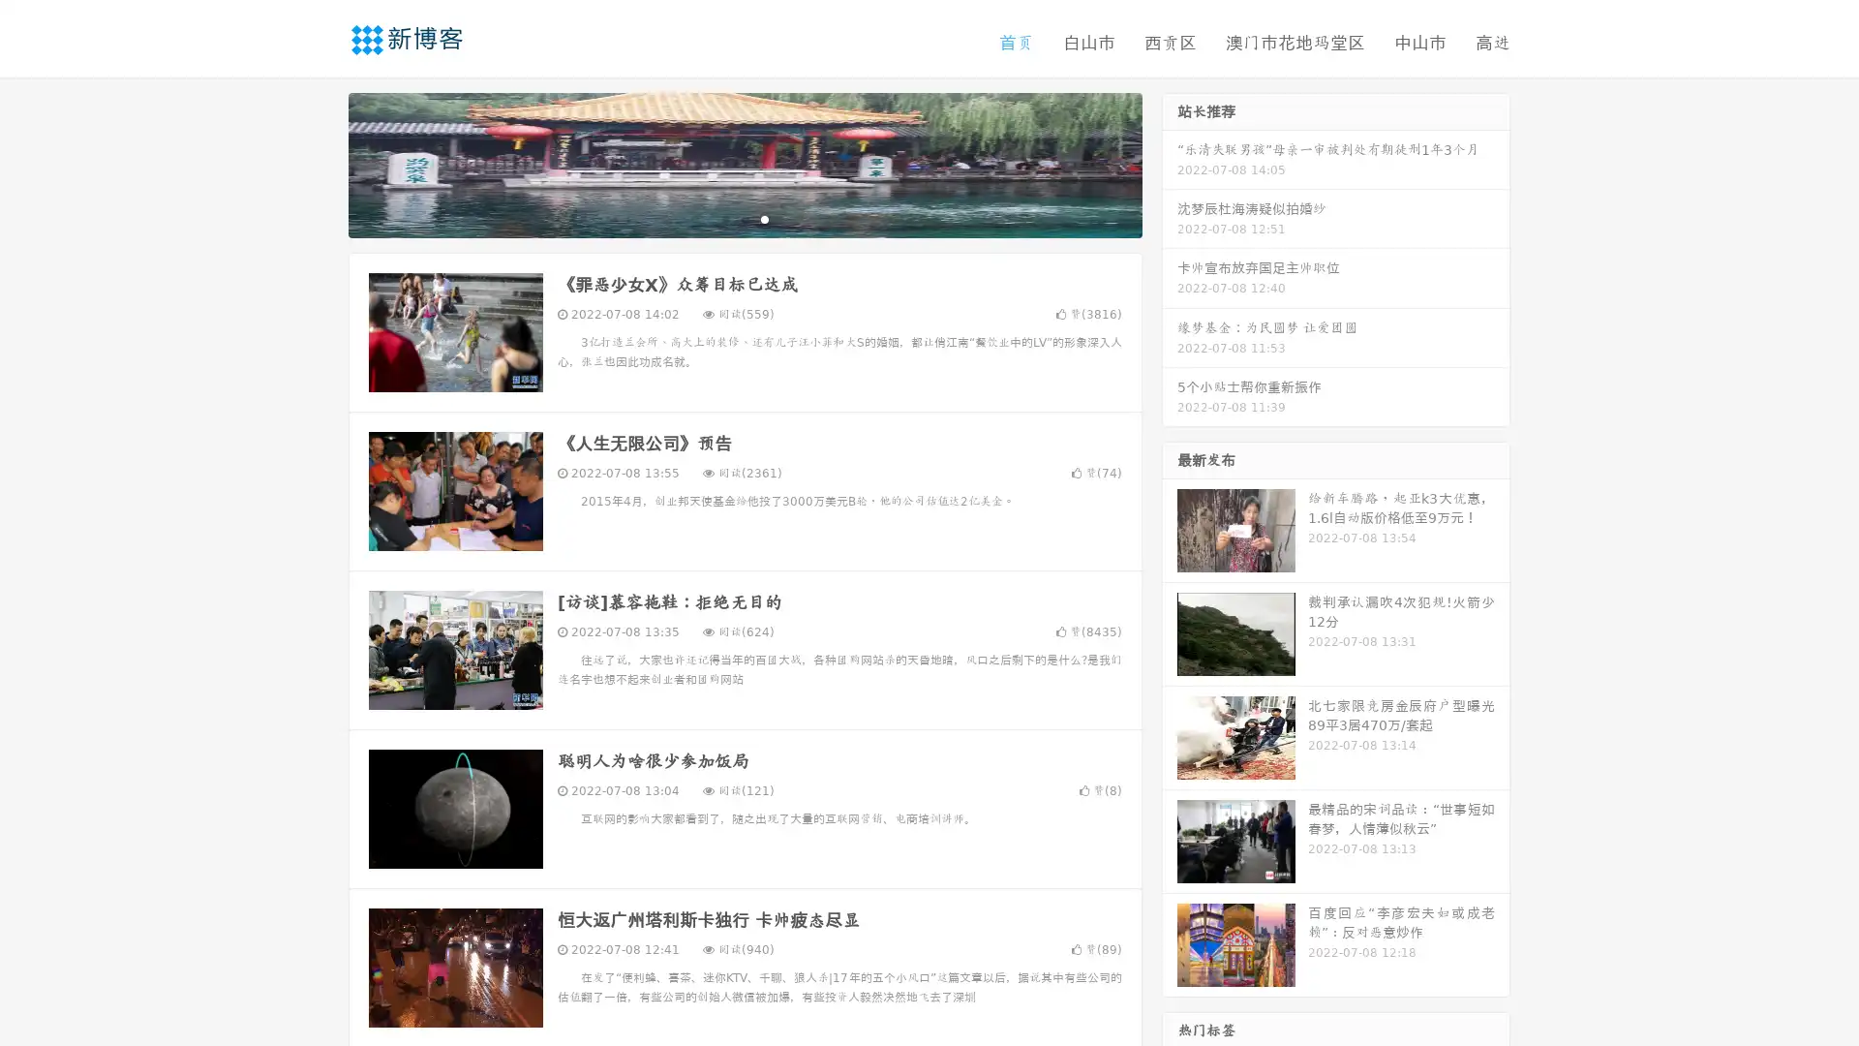  I want to click on Go to slide 3, so click(764, 218).